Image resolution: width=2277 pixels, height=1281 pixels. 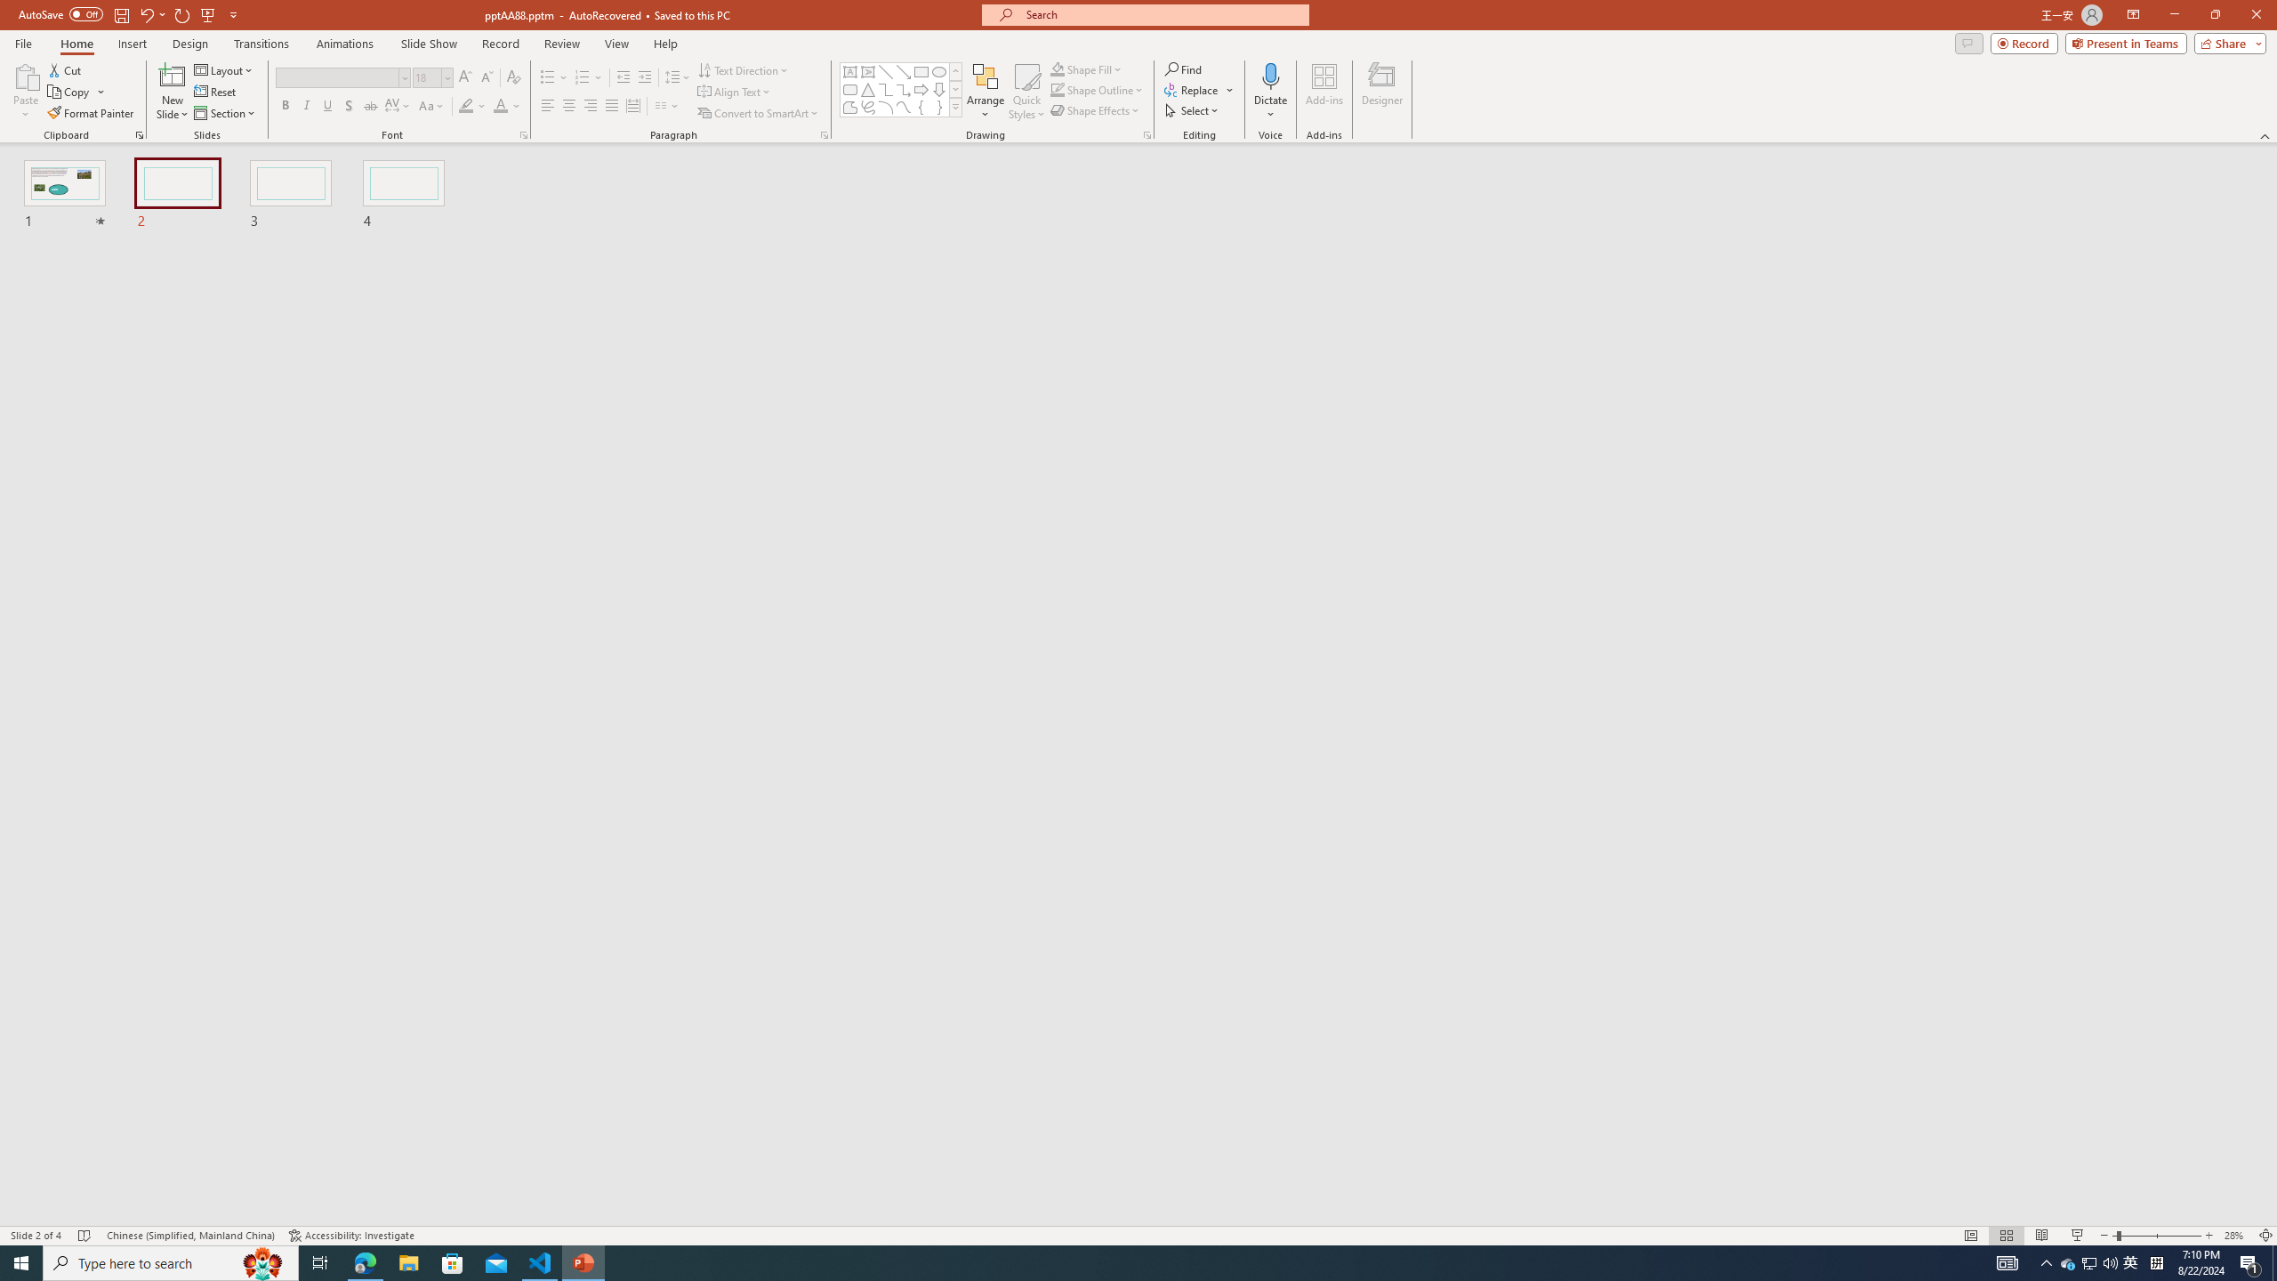 What do you see at coordinates (758, 113) in the screenshot?
I see `'Convert to SmartArt'` at bounding box center [758, 113].